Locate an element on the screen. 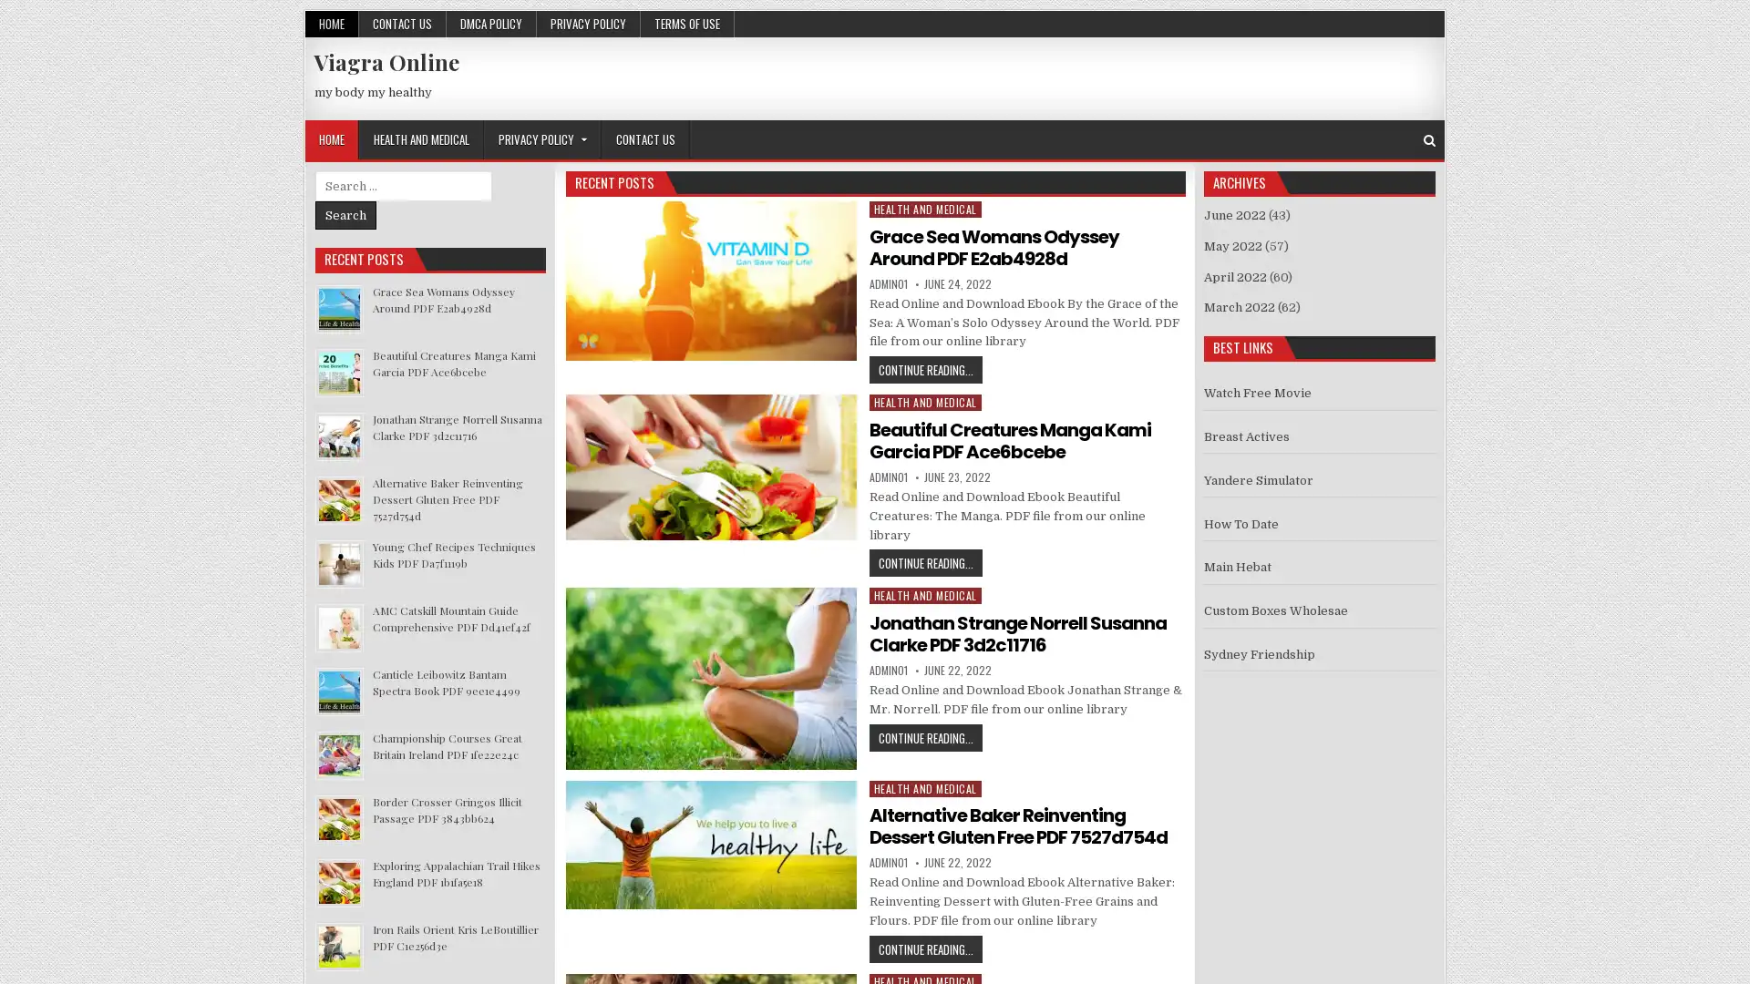 This screenshot has width=1750, height=984. Search is located at coordinates (345, 214).